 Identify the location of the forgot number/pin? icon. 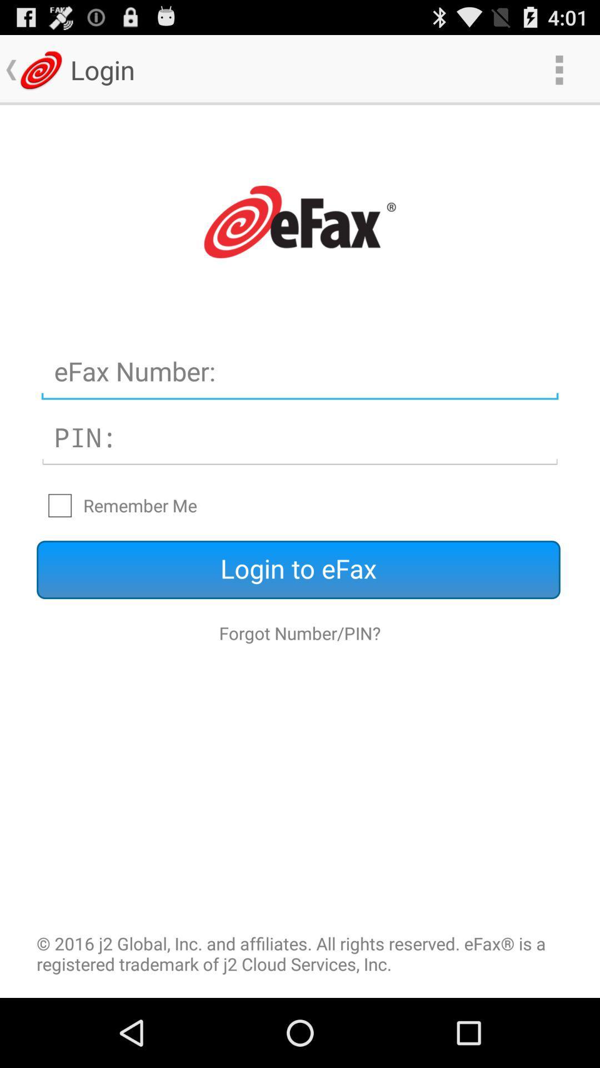
(300, 633).